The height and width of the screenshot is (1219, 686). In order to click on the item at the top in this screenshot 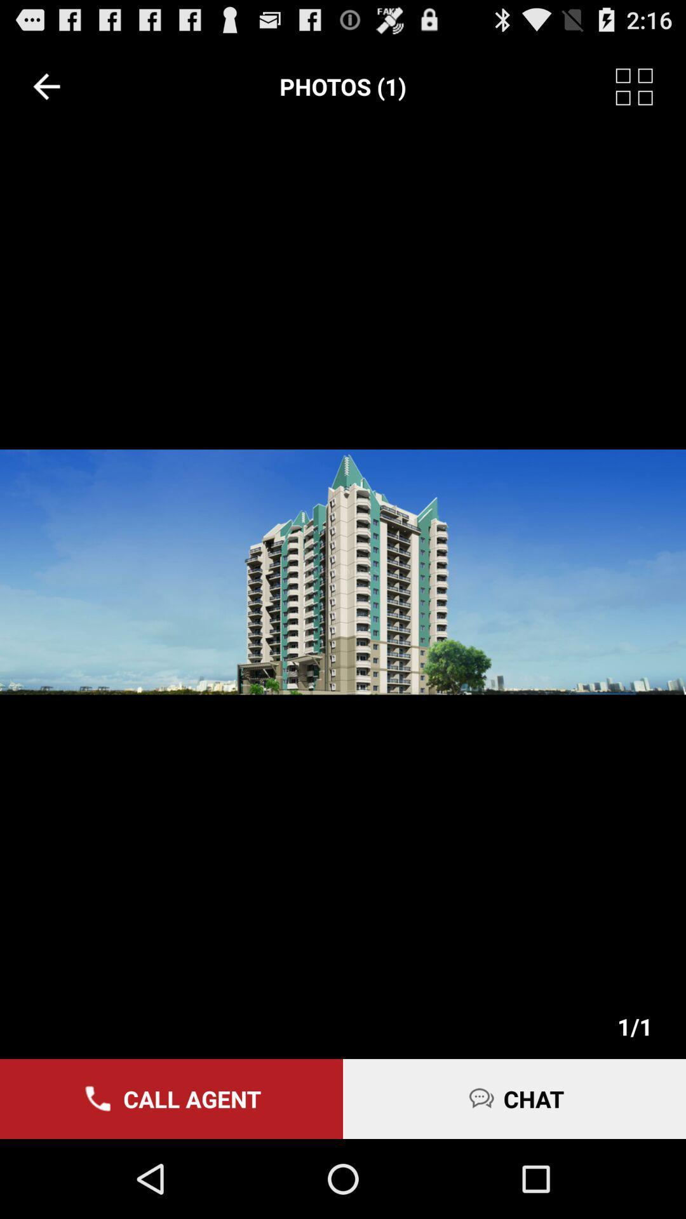, I will do `click(343, 86)`.